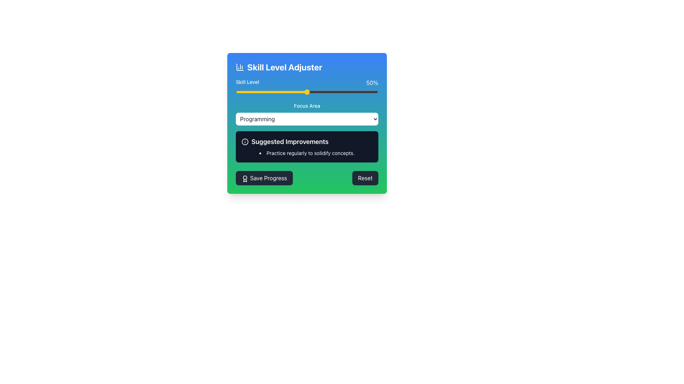 The width and height of the screenshot is (684, 384). Describe the element at coordinates (307, 106) in the screenshot. I see `'Focus Area' text label which indicates the context of the adjacent dropdown menu for selecting programming topics` at that location.